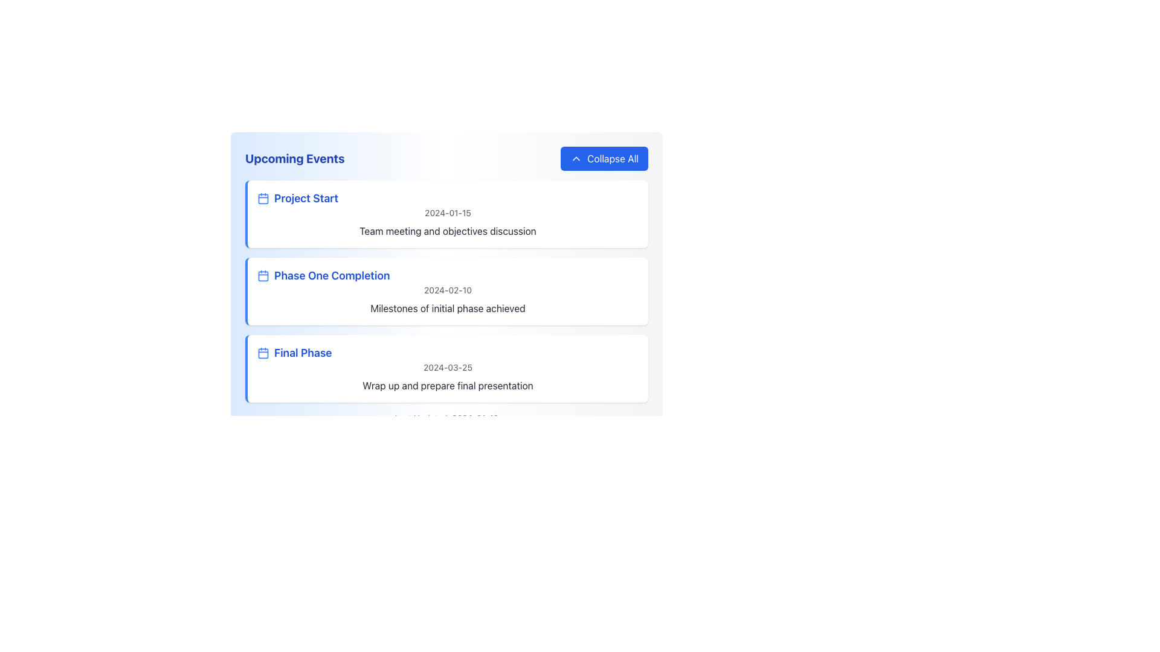 This screenshot has width=1160, height=652. Describe the element at coordinates (446, 266) in the screenshot. I see `the 'Phase One Completion' card in the event list` at that location.